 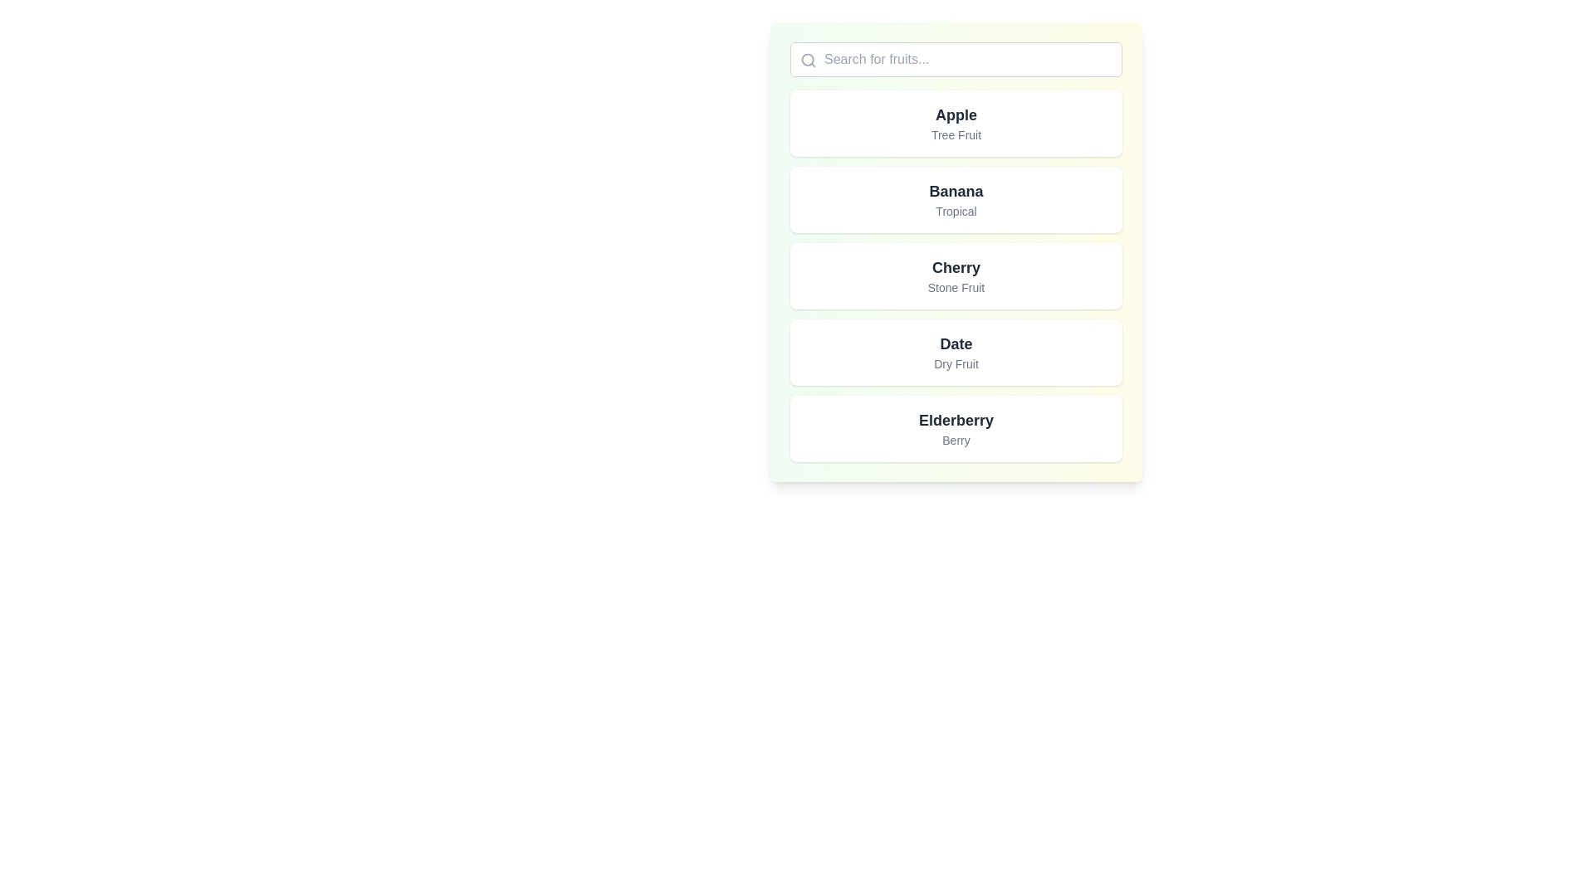 What do you see at coordinates (956, 440) in the screenshot?
I see `the small text label displaying the word 'Berry' in a gray font, positioned below the 'Elderberry' title in the fifth item of a vertically stacked list` at bounding box center [956, 440].